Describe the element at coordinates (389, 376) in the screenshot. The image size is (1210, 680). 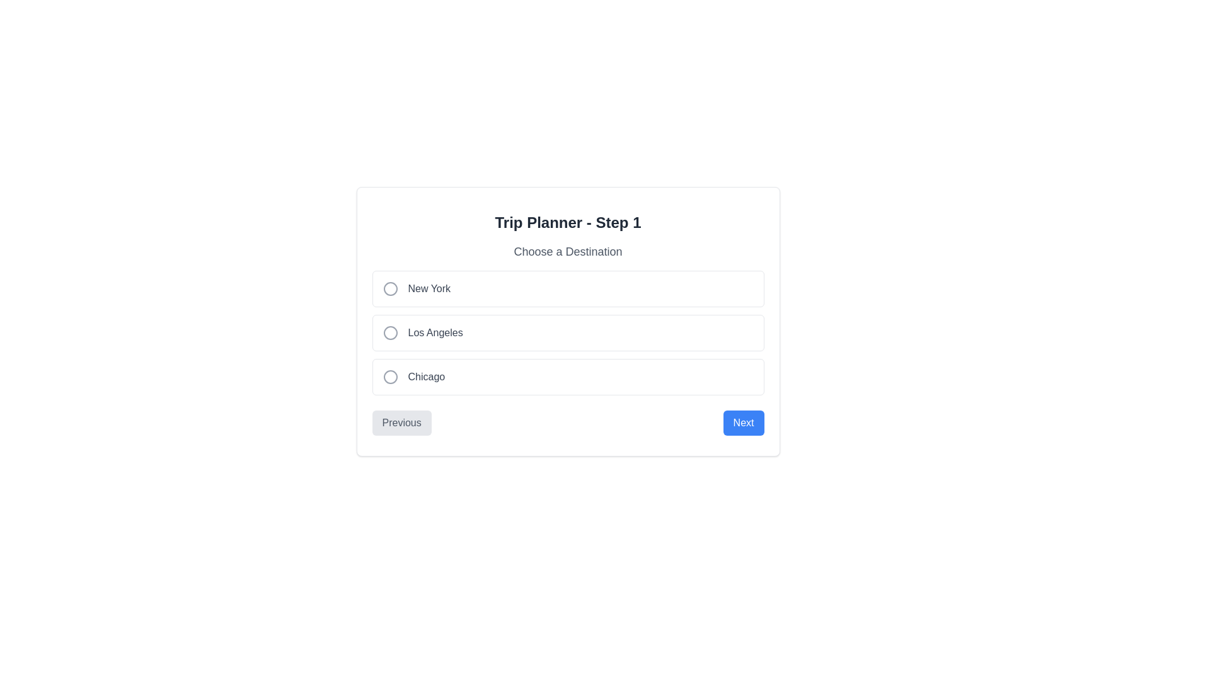
I see `the visual decoration representing the selected state of the 'Chicago' destination item within its radio button` at that location.